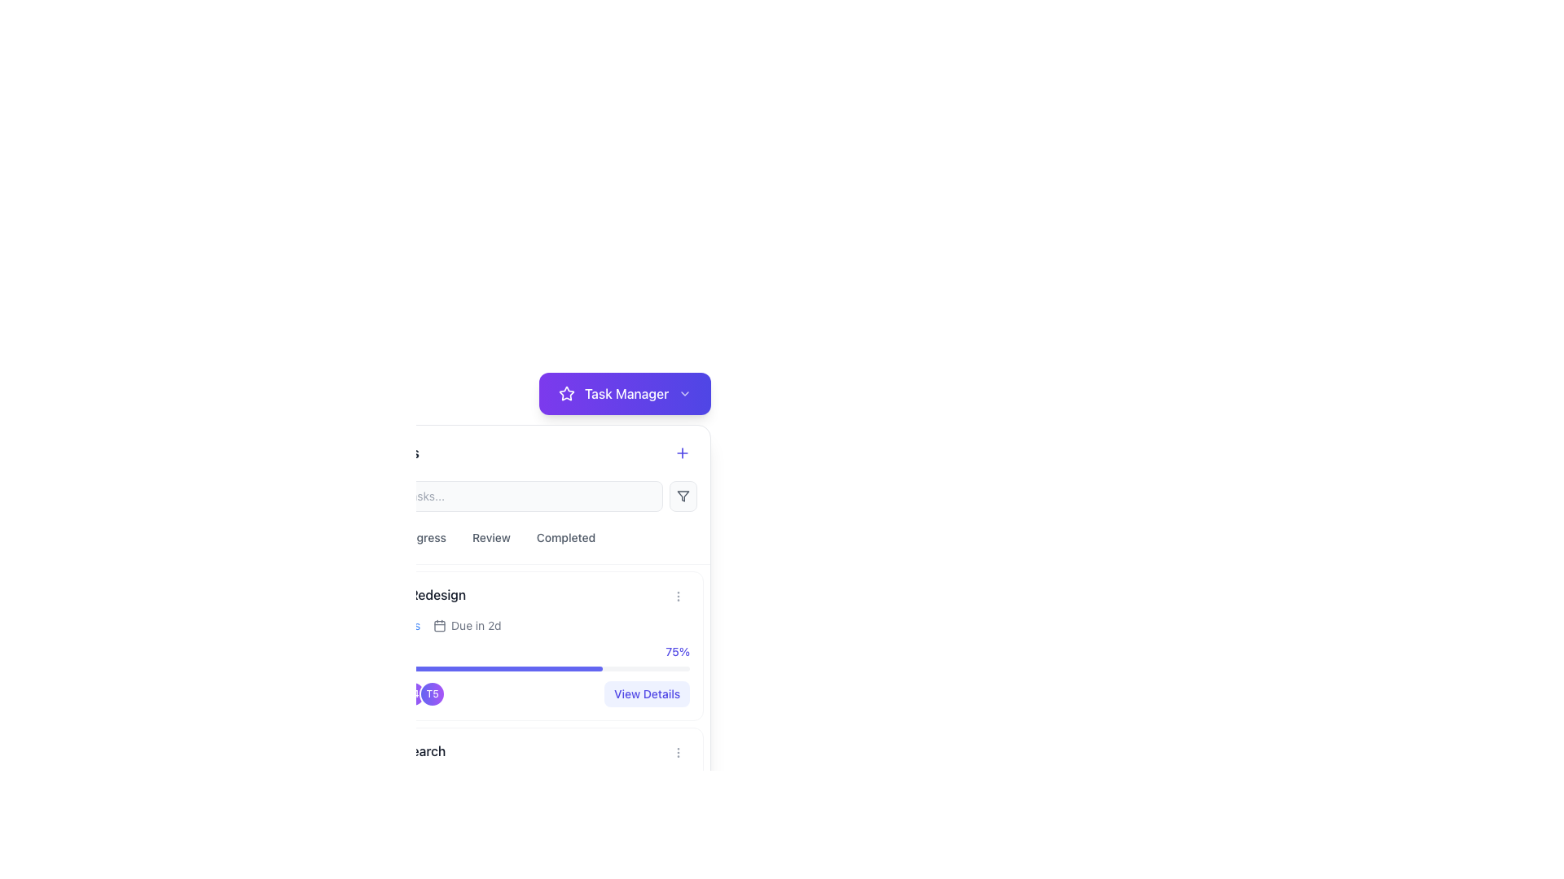 This screenshot has width=1564, height=879. Describe the element at coordinates (646, 693) in the screenshot. I see `the 'View Details' button with a light indigo background and indigo text, located at the far right of a row of colored circular elements labeled T1 through T5` at that location.